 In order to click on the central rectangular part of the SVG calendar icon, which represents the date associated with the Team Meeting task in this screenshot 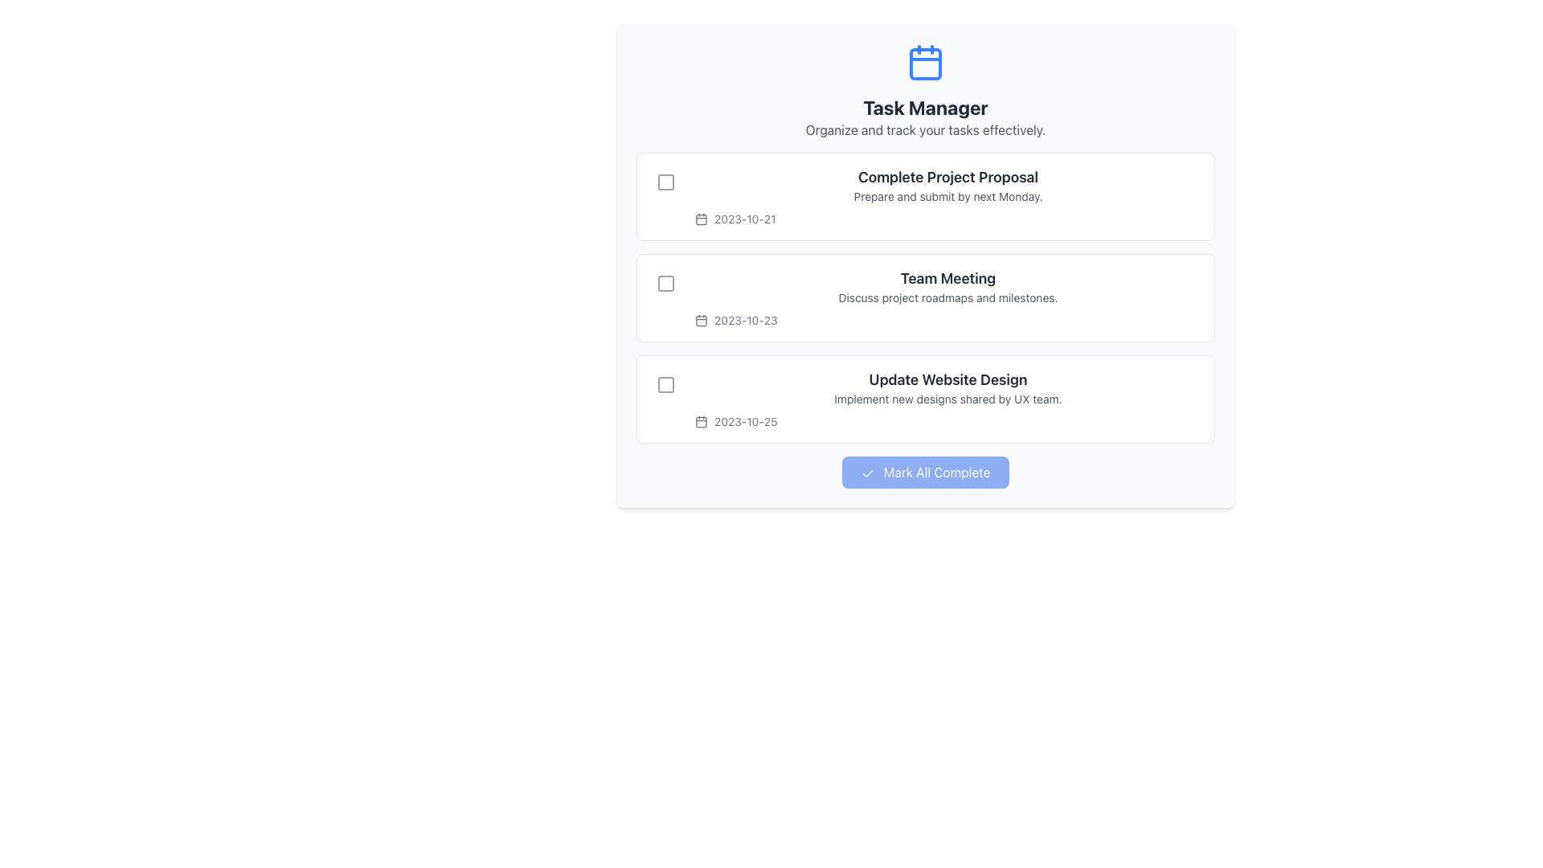, I will do `click(702, 320)`.